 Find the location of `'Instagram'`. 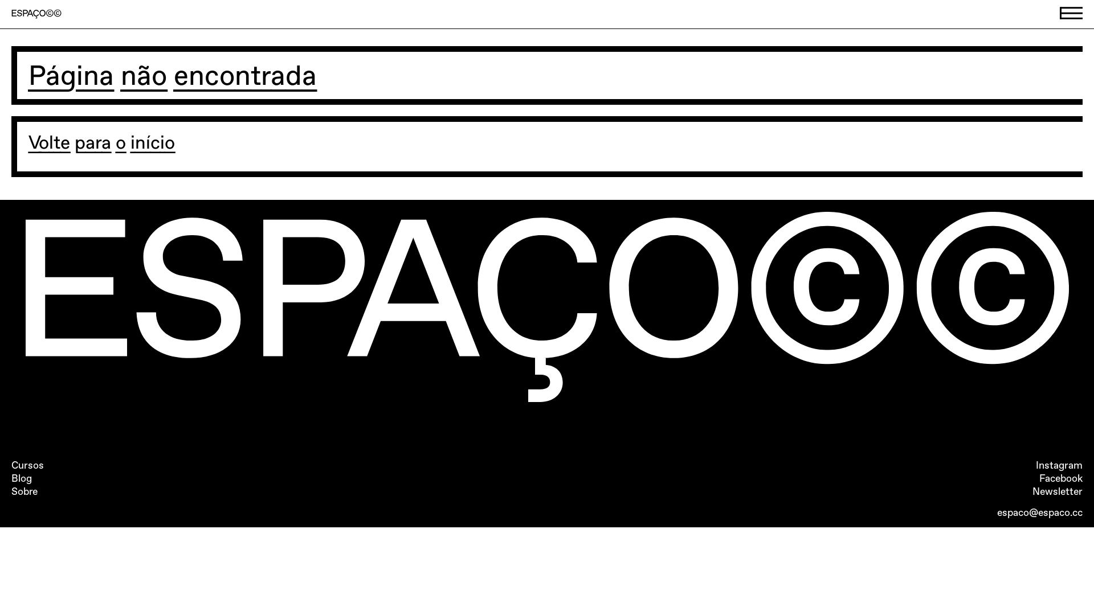

'Instagram' is located at coordinates (1036, 465).